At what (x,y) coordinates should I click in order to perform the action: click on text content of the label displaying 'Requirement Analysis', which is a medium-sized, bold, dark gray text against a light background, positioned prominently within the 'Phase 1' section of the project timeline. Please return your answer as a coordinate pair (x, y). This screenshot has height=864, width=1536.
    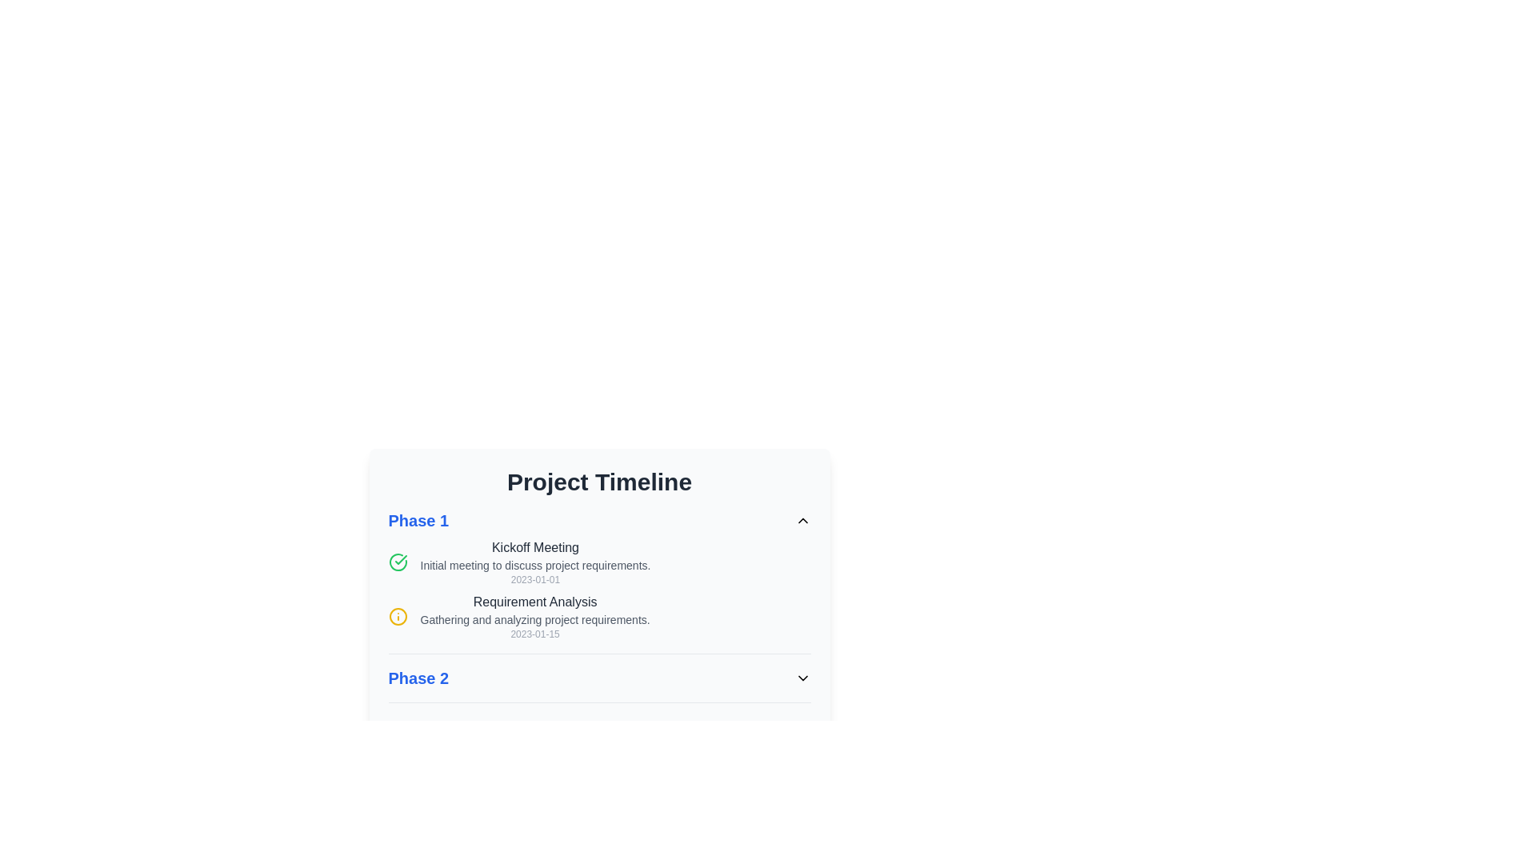
    Looking at the image, I should click on (535, 602).